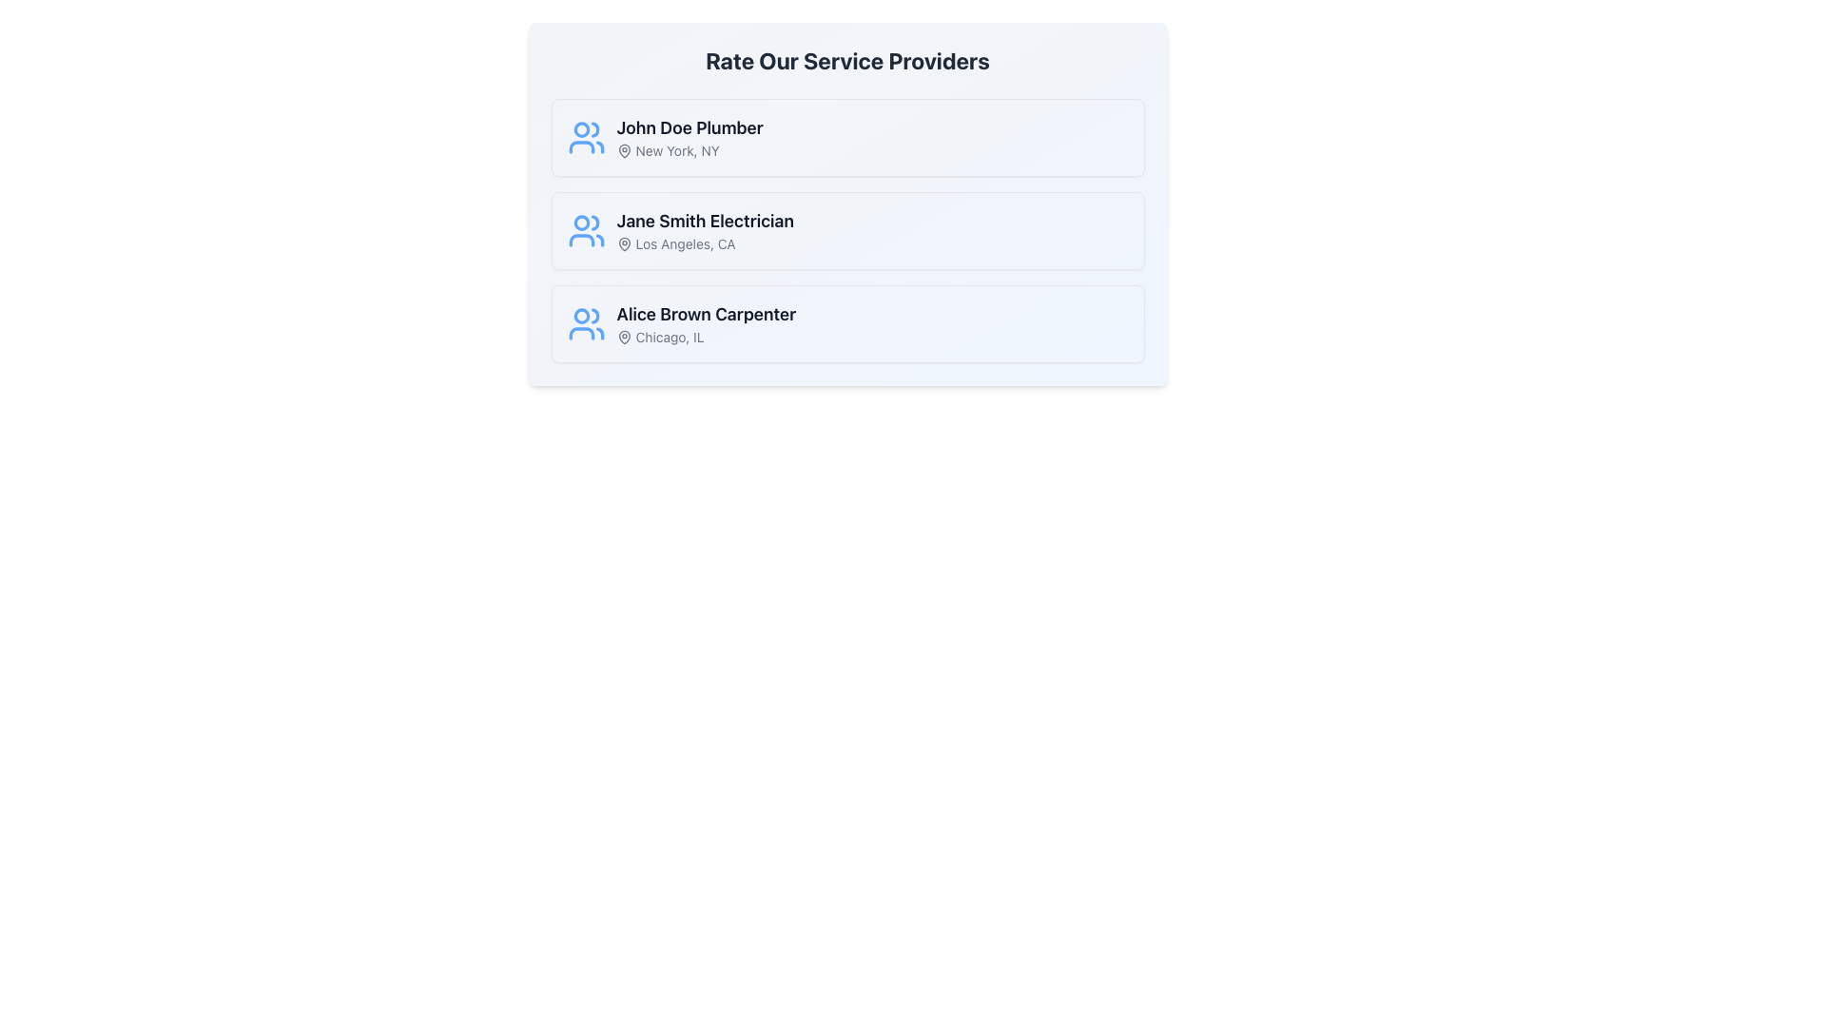 The width and height of the screenshot is (1826, 1027). I want to click on the second service provider card labeled 'Jane Smith Electrician' in the list under 'Rate Our Service Providers', so click(846, 230).